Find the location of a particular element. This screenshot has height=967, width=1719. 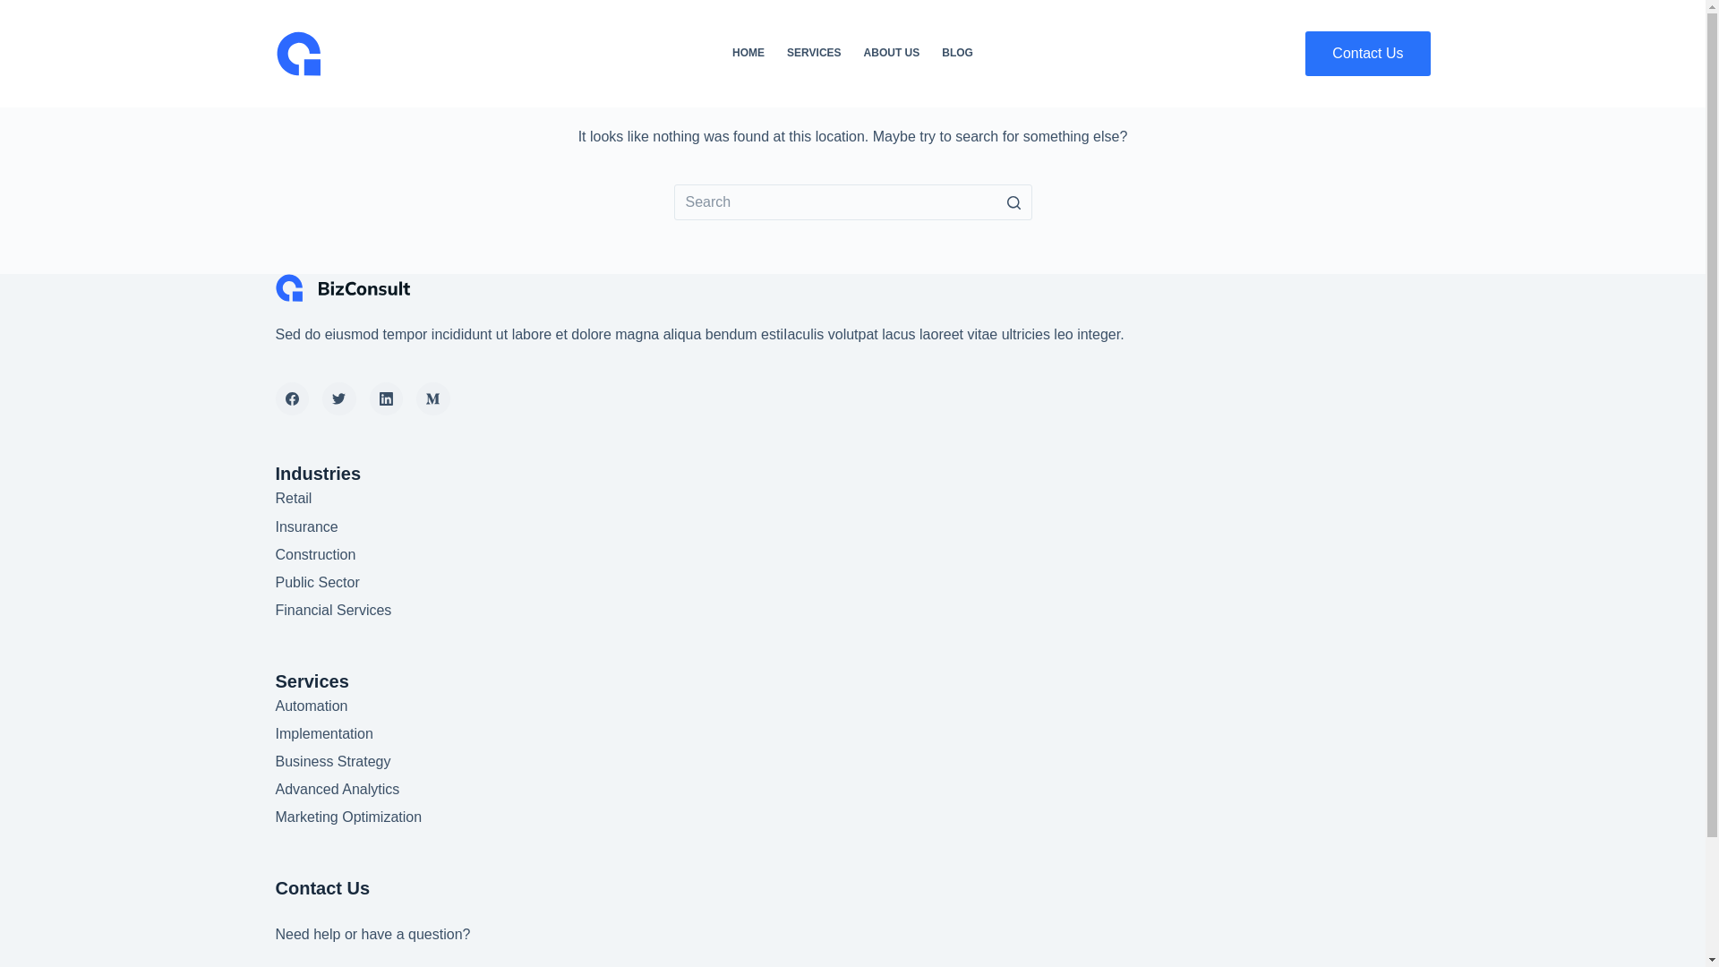

'Contact Us' is located at coordinates (1366, 53).